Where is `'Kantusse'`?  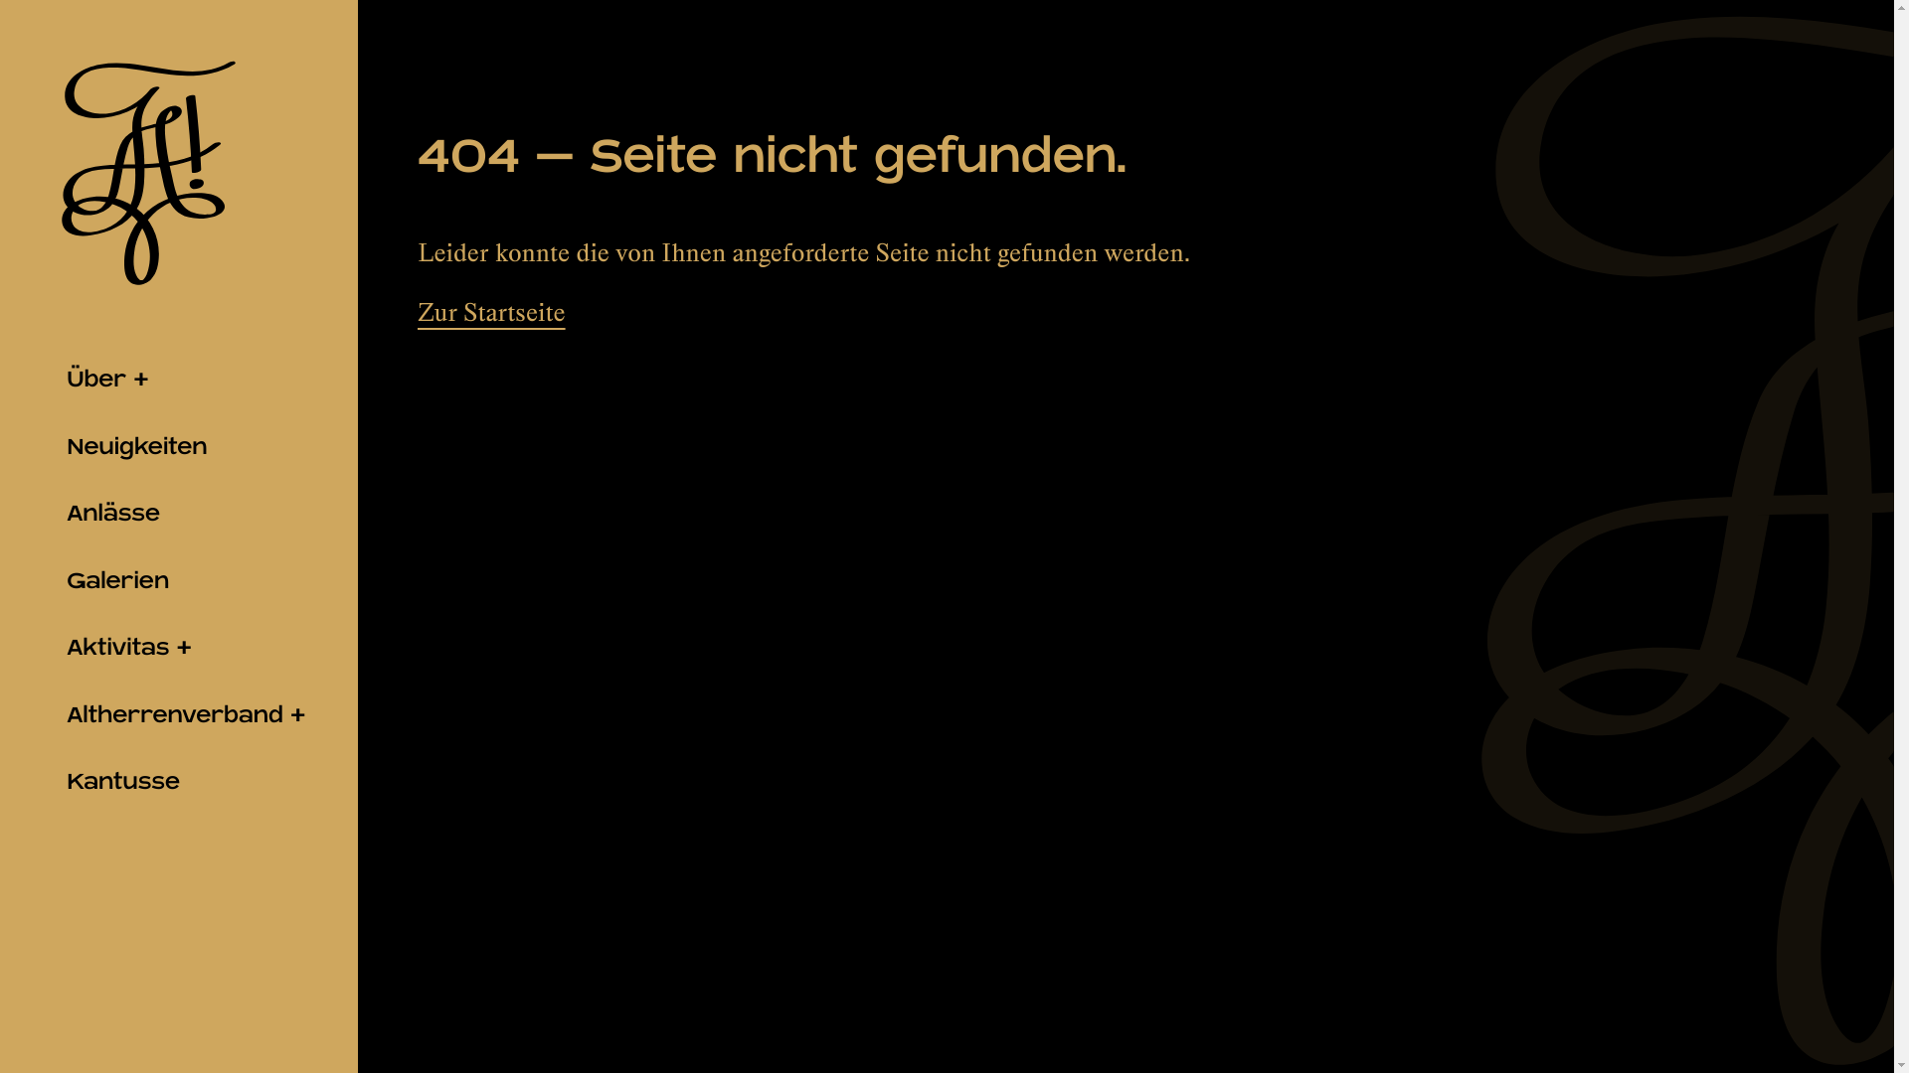 'Kantusse' is located at coordinates (179, 781).